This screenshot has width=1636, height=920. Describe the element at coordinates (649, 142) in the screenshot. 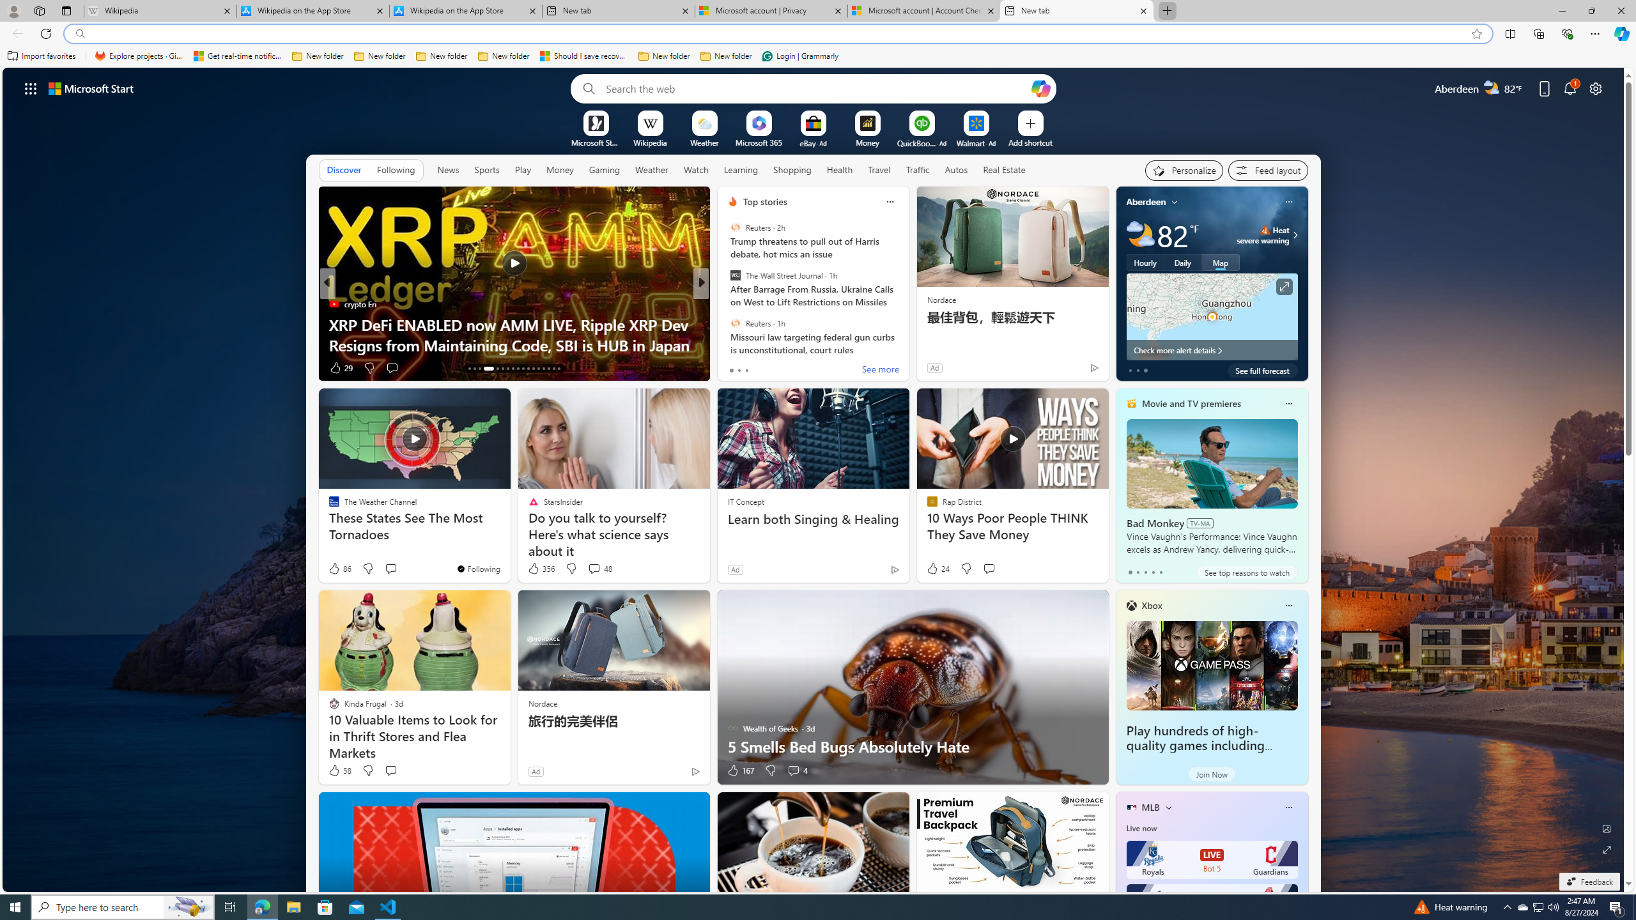

I see `'Wikipedia'` at that location.